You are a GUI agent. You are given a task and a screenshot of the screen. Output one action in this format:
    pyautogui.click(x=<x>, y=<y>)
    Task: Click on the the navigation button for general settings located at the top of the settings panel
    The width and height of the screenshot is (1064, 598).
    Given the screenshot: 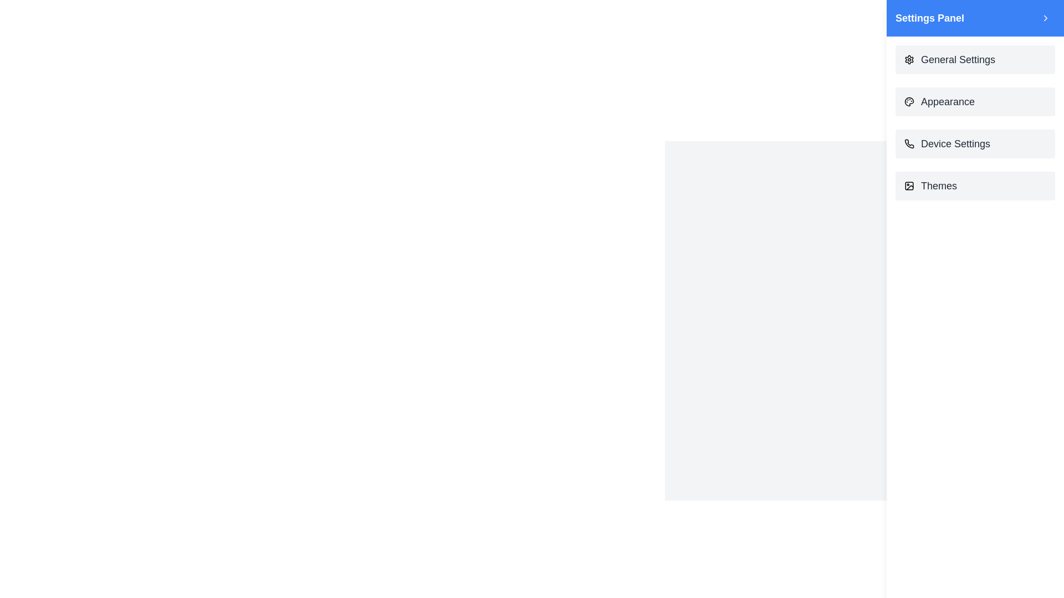 What is the action you would take?
    pyautogui.click(x=975, y=60)
    